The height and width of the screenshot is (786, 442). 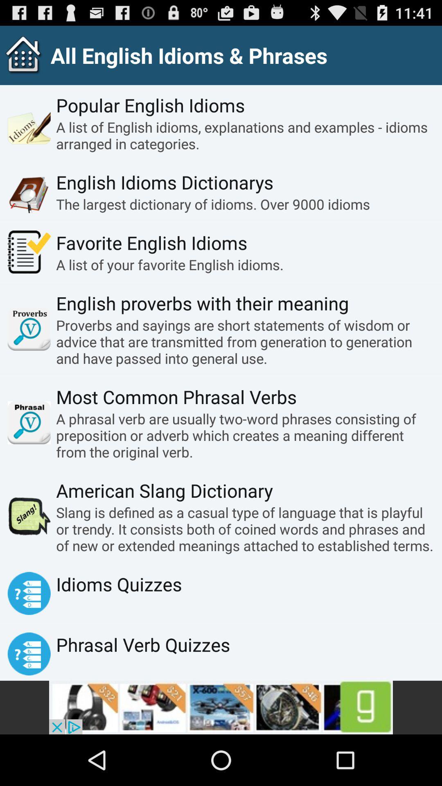 What do you see at coordinates (21, 59) in the screenshot?
I see `the home icon` at bounding box center [21, 59].